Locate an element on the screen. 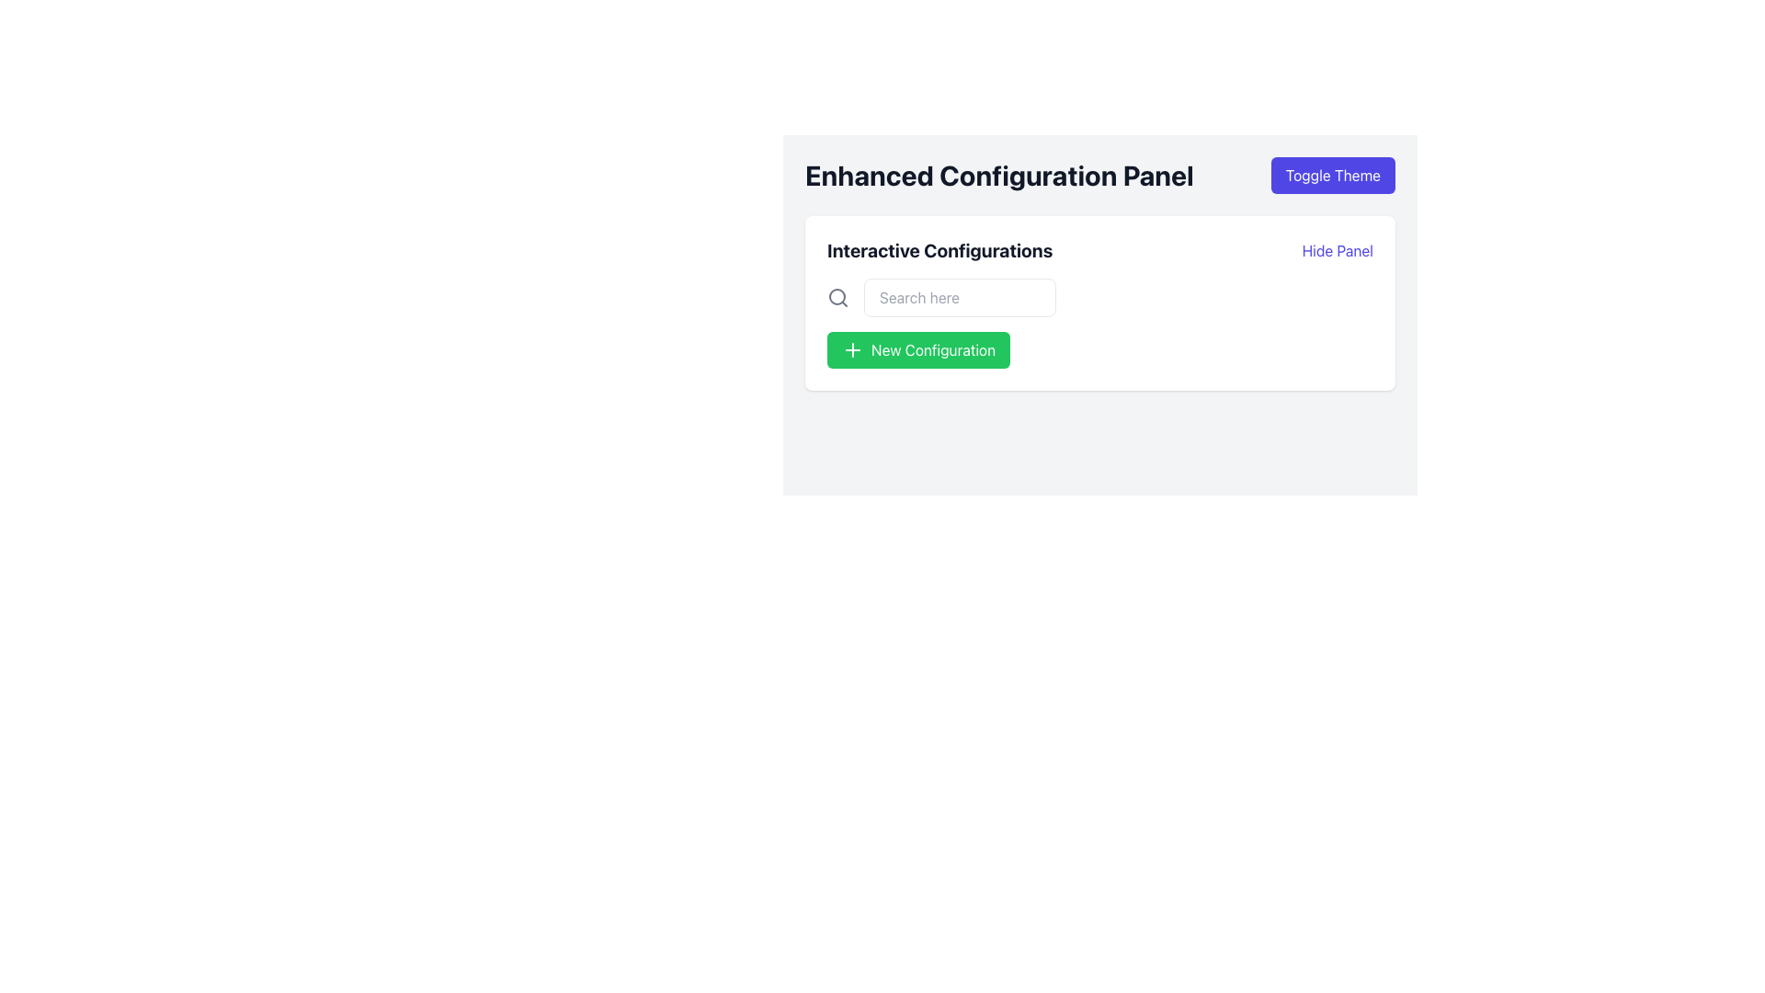  the button located near the bottom center of the 'Interactive Configurations' grouping is located at coordinates (918, 350).